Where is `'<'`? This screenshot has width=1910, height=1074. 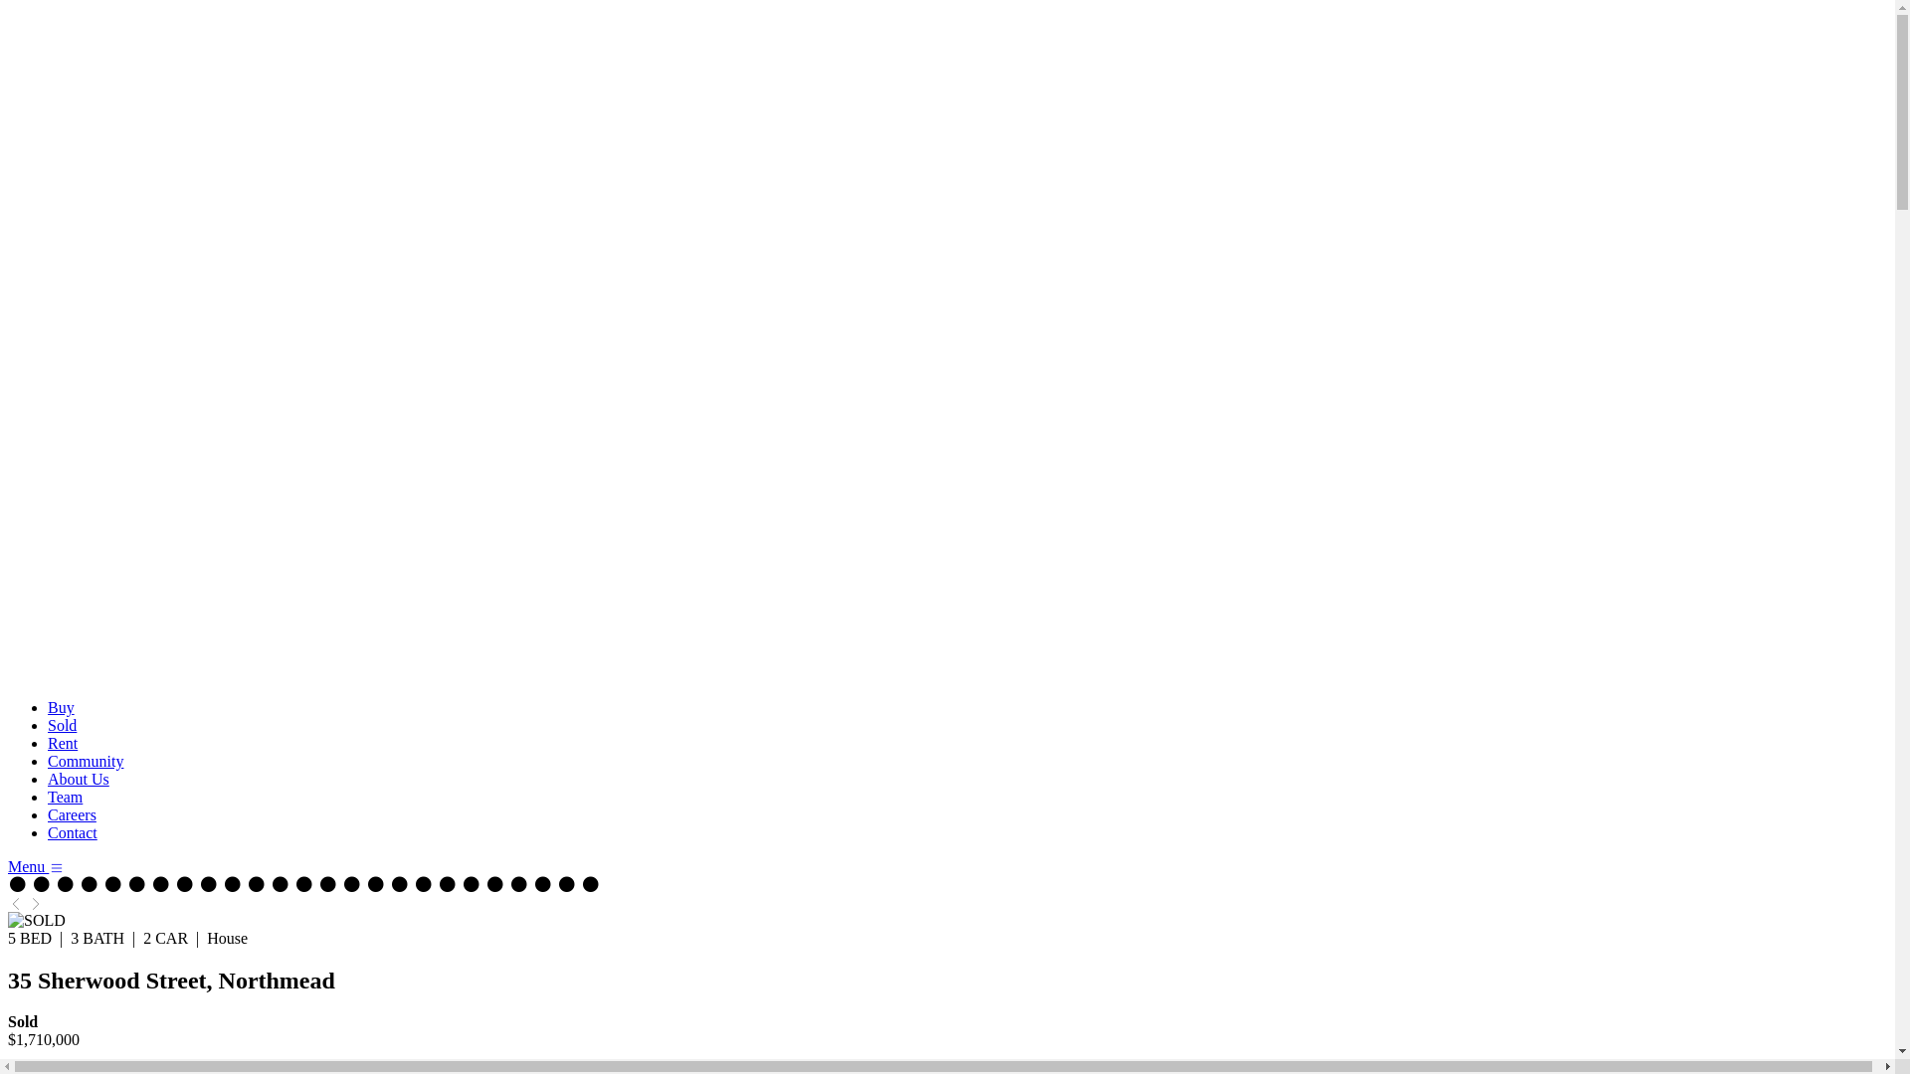
'<' is located at coordinates (8, 902).